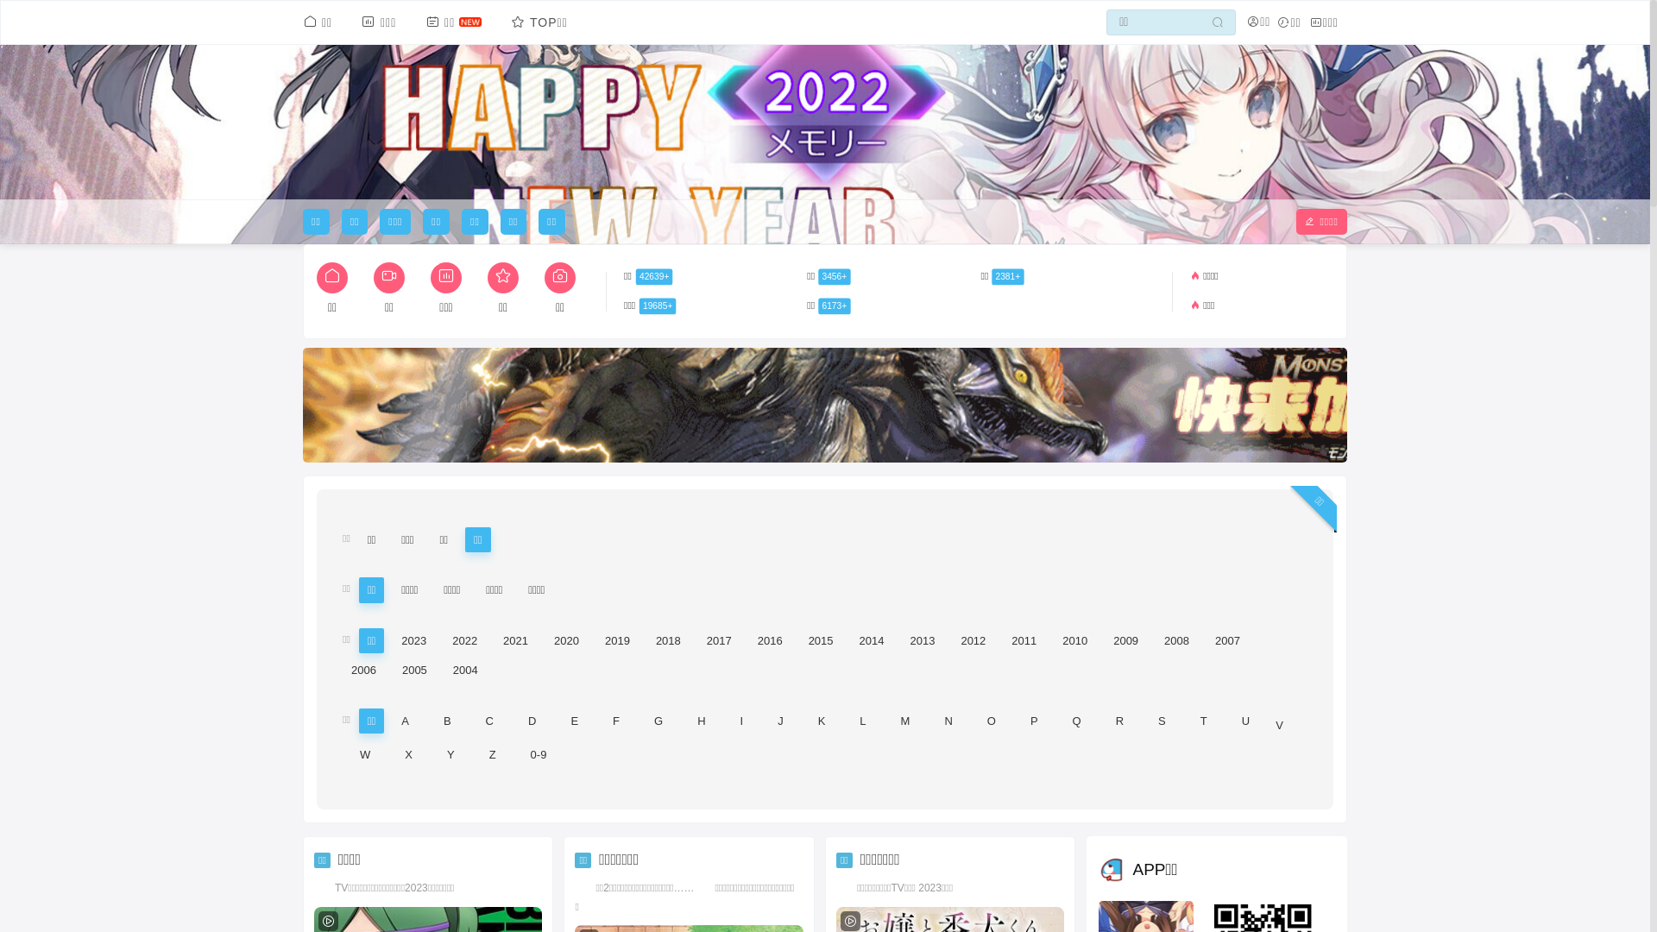 The width and height of the screenshot is (1657, 932). What do you see at coordinates (514, 640) in the screenshot?
I see `'2021'` at bounding box center [514, 640].